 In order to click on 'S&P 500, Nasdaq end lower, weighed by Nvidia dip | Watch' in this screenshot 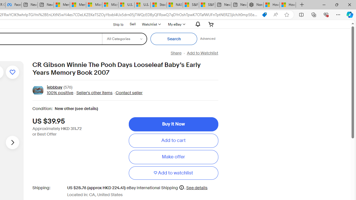, I will do `click(207, 5)`.